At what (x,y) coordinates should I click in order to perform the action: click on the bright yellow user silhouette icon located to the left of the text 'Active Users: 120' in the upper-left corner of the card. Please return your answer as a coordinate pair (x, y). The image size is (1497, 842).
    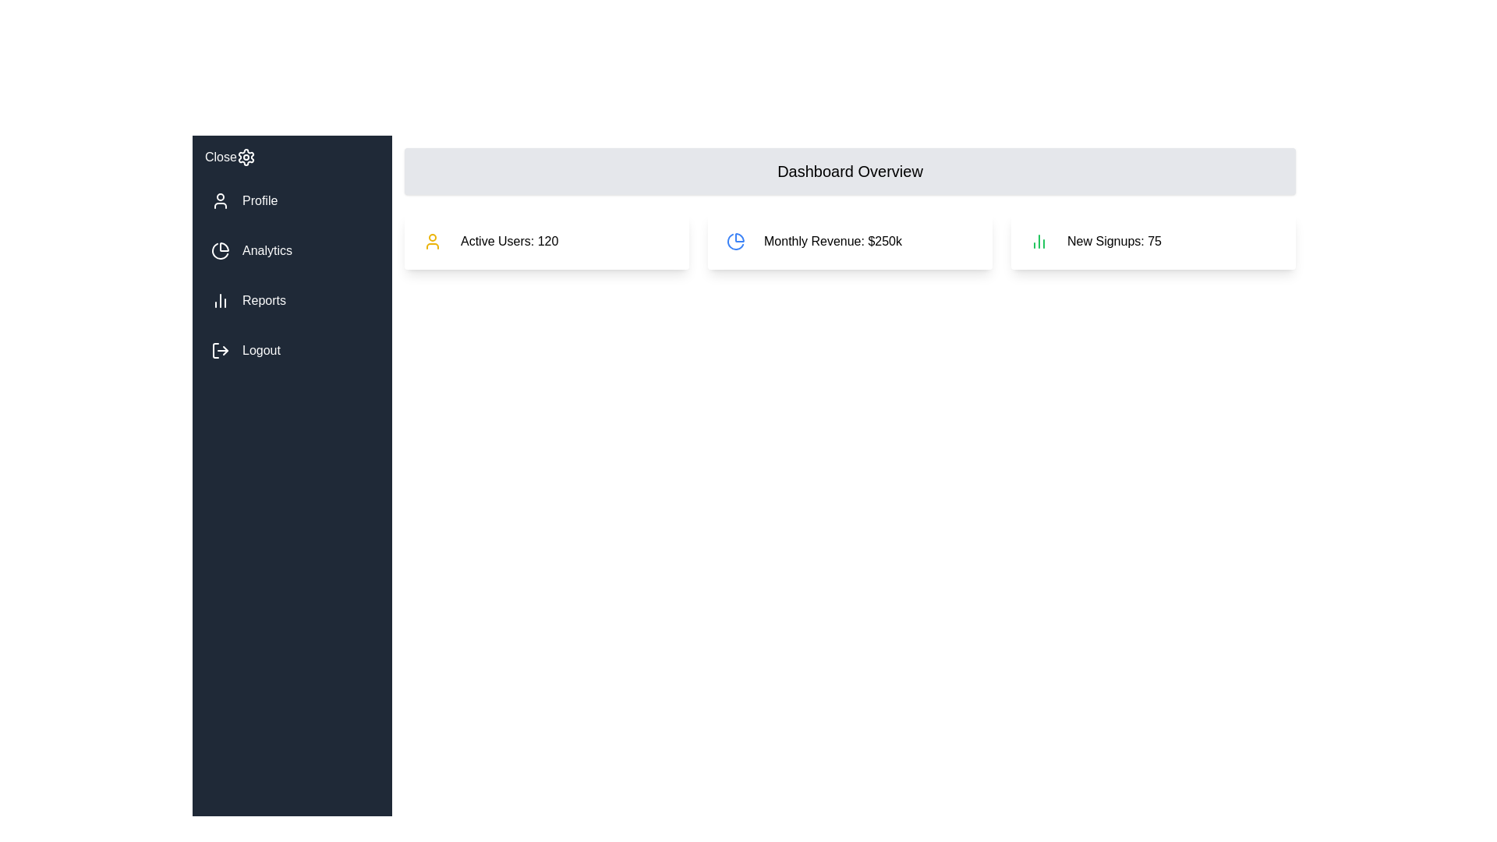
    Looking at the image, I should click on (433, 241).